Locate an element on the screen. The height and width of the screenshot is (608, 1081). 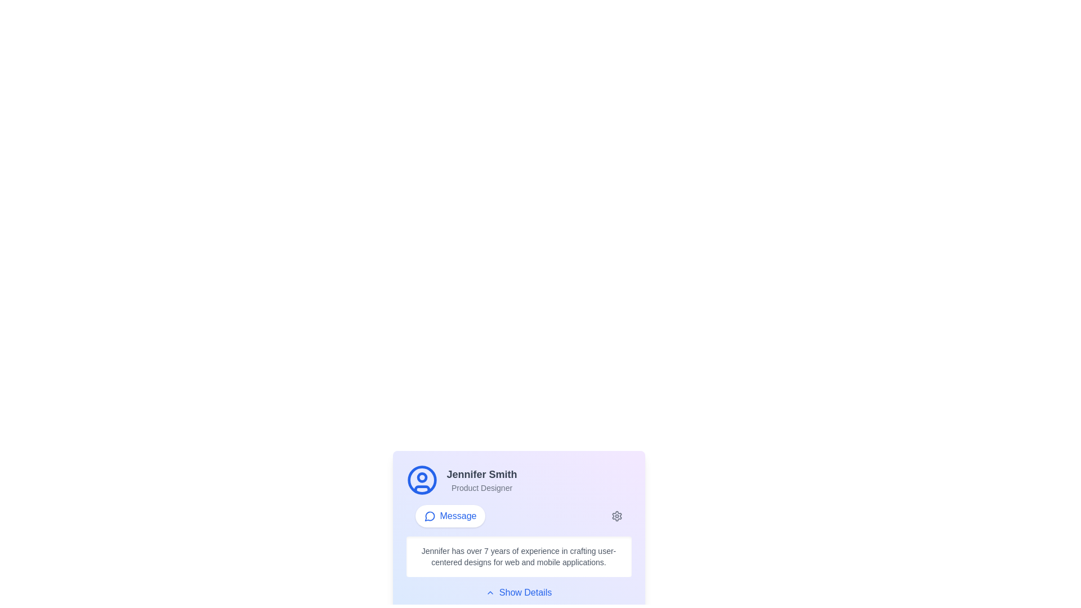
text label that serves as the title for the profile card, located in the upper-left area above the subtitle 'Product Designer' is located at coordinates (481, 475).